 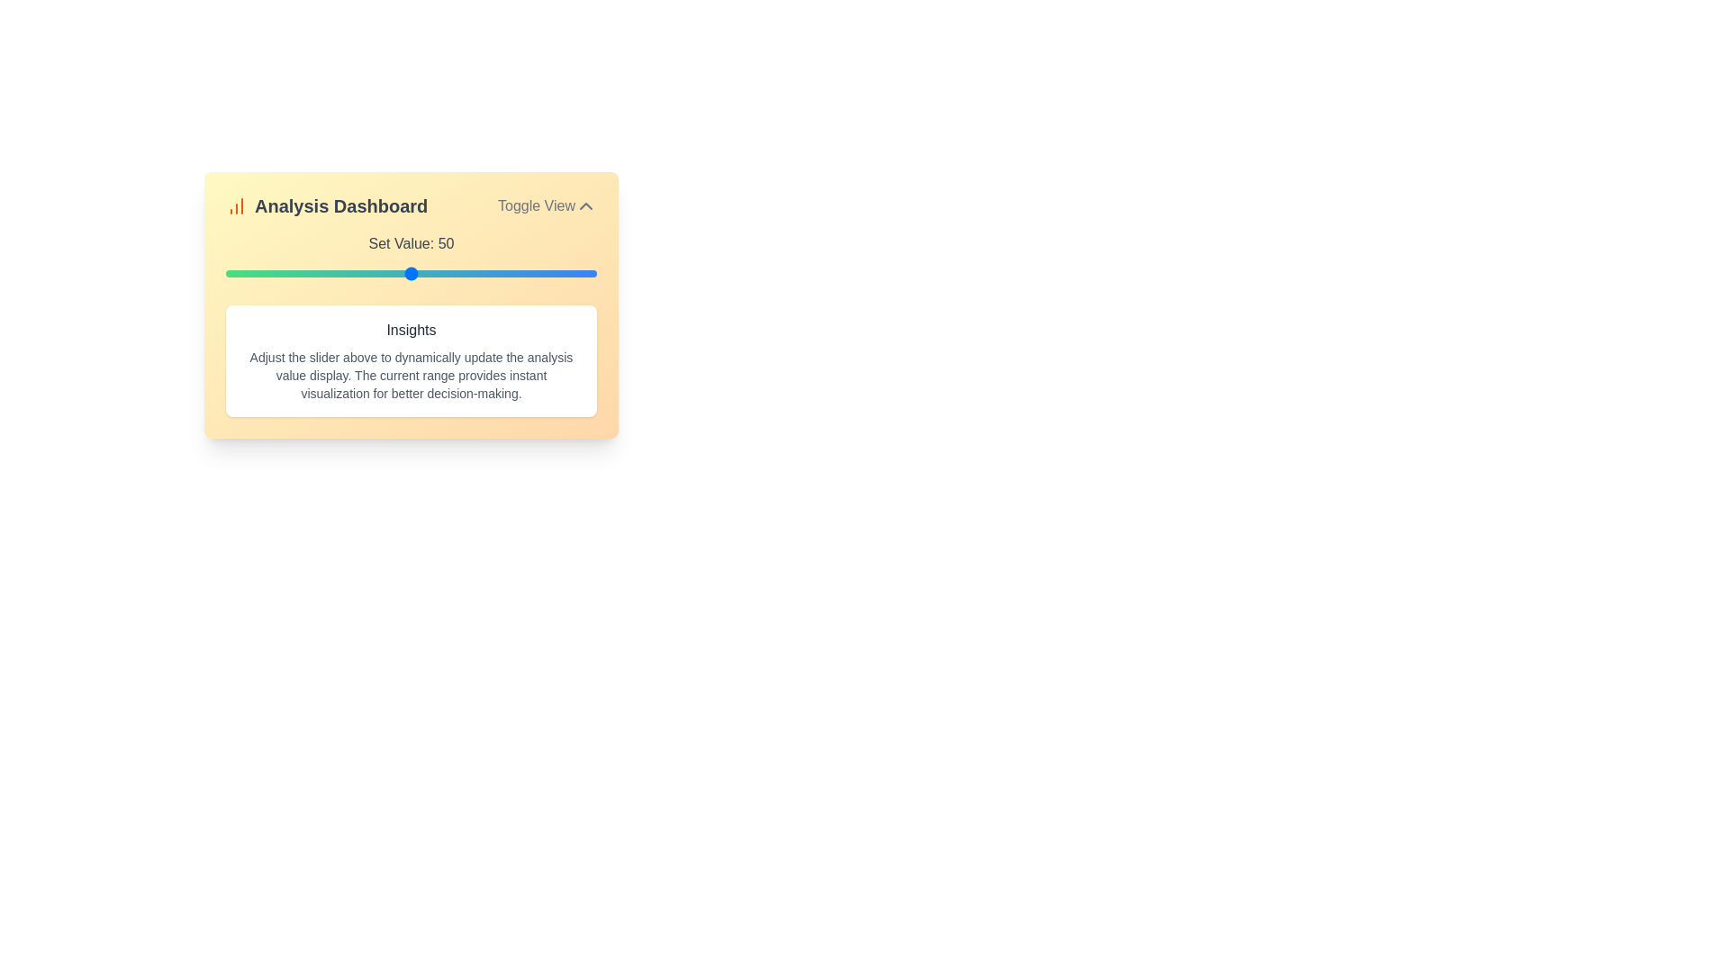 I want to click on the slider to set the value to 20, so click(x=300, y=274).